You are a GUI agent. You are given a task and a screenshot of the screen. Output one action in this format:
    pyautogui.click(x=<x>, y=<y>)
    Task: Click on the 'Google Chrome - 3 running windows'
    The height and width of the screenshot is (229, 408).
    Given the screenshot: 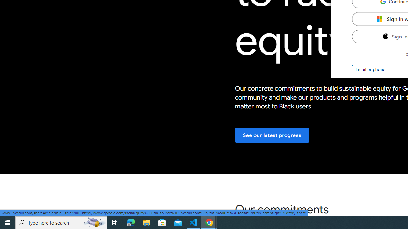 What is the action you would take?
    pyautogui.click(x=209, y=222)
    